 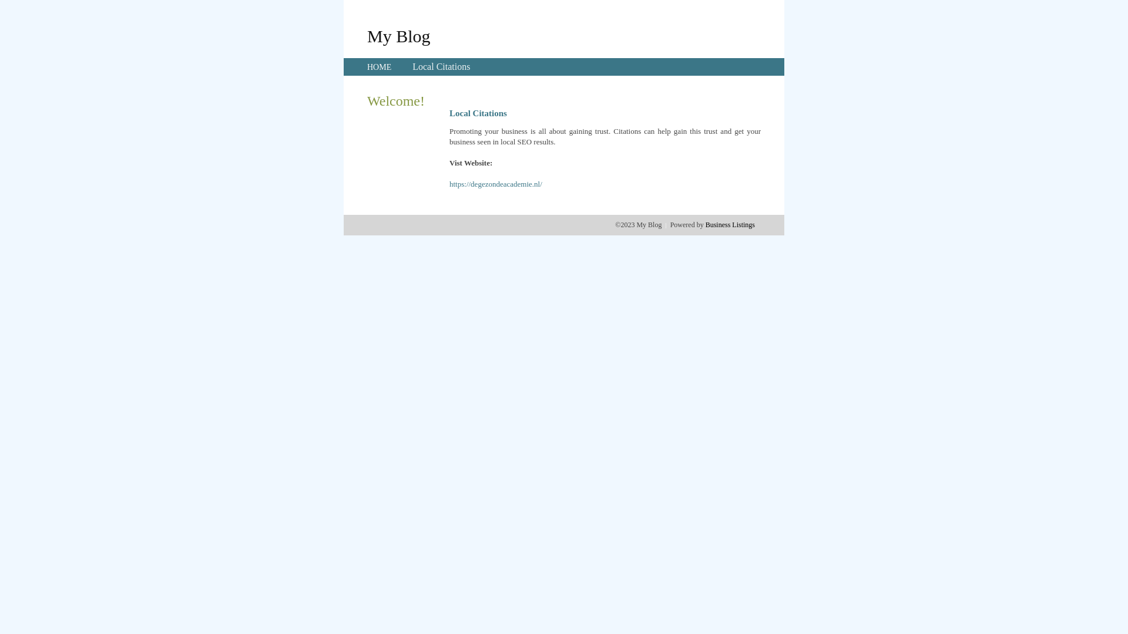 What do you see at coordinates (440, 66) in the screenshot?
I see `'Local Citations'` at bounding box center [440, 66].